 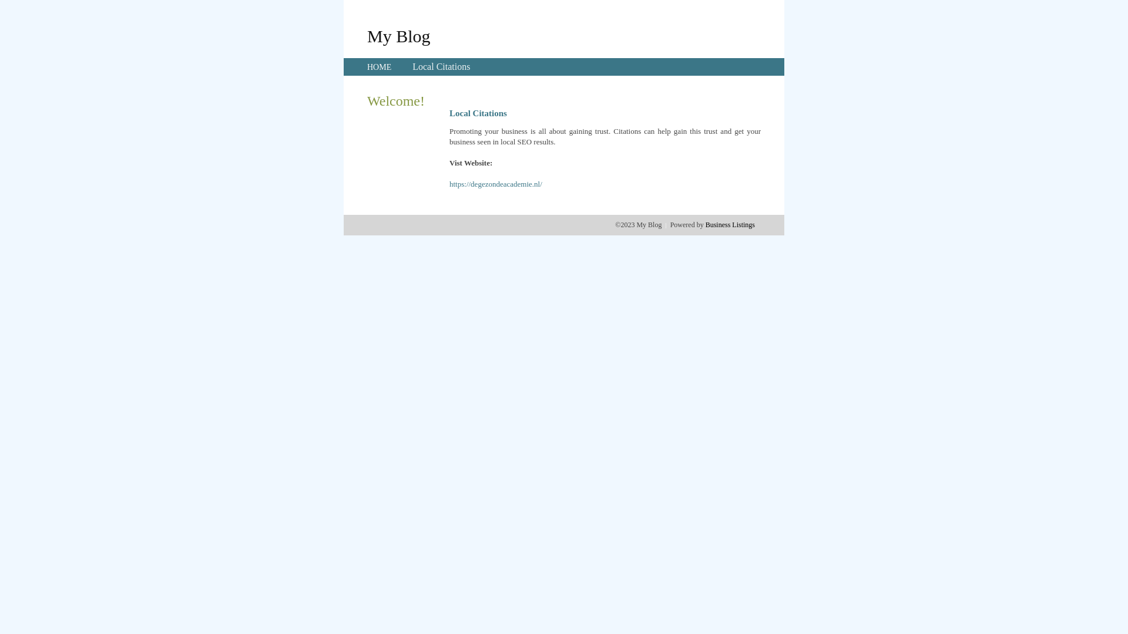 What do you see at coordinates (440, 66) in the screenshot?
I see `'Local Citations'` at bounding box center [440, 66].